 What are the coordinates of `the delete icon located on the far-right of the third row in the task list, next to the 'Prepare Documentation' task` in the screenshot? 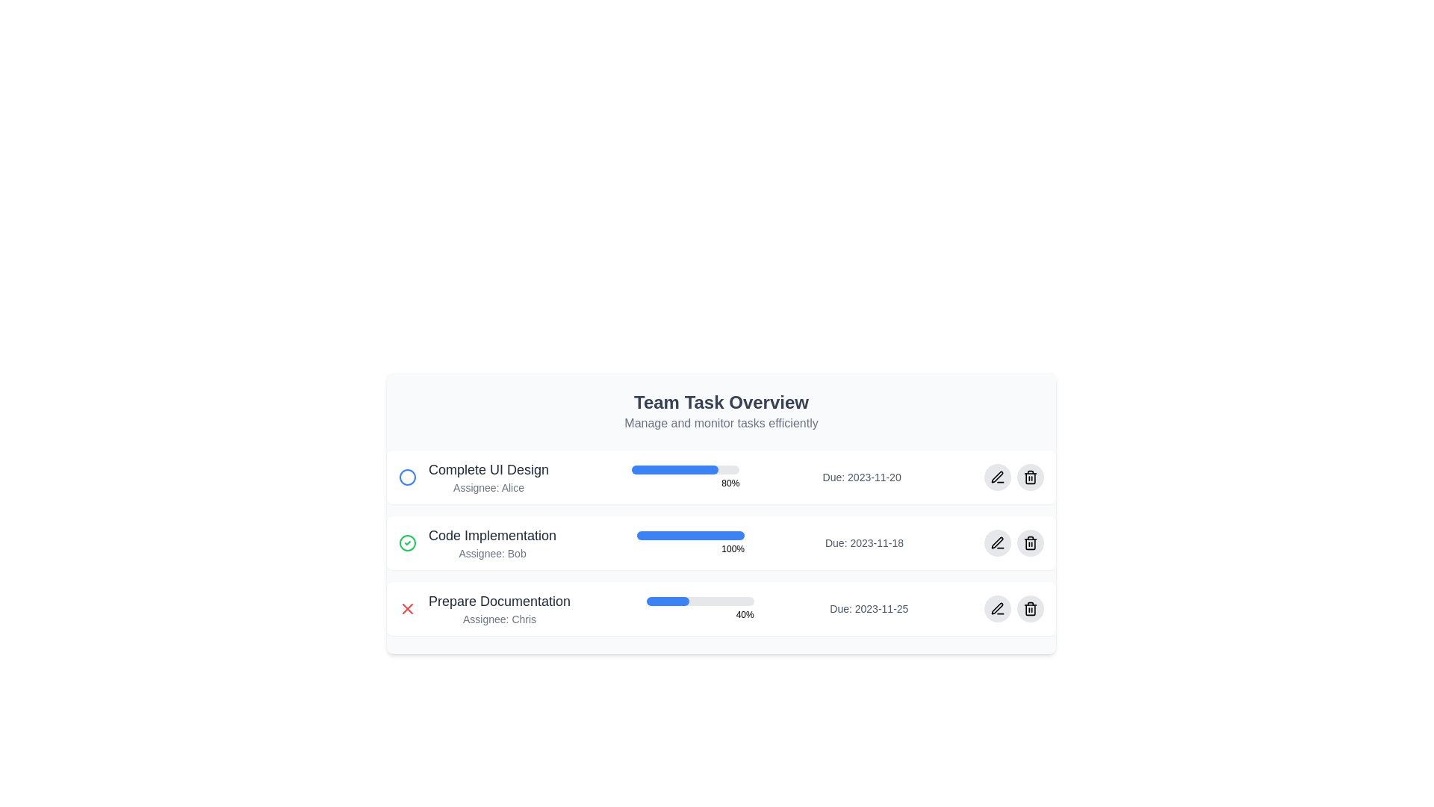 It's located at (1029, 608).